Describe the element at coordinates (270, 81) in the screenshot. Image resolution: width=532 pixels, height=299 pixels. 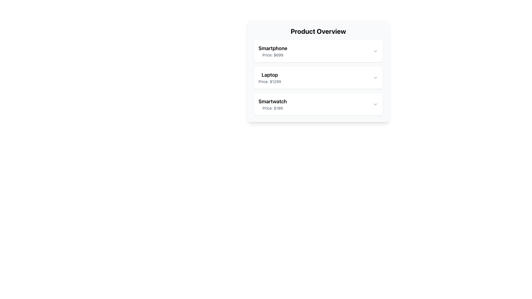
I see `the price information label for the product 'Laptop', which is located below the 'Laptop' text label in the product section` at that location.